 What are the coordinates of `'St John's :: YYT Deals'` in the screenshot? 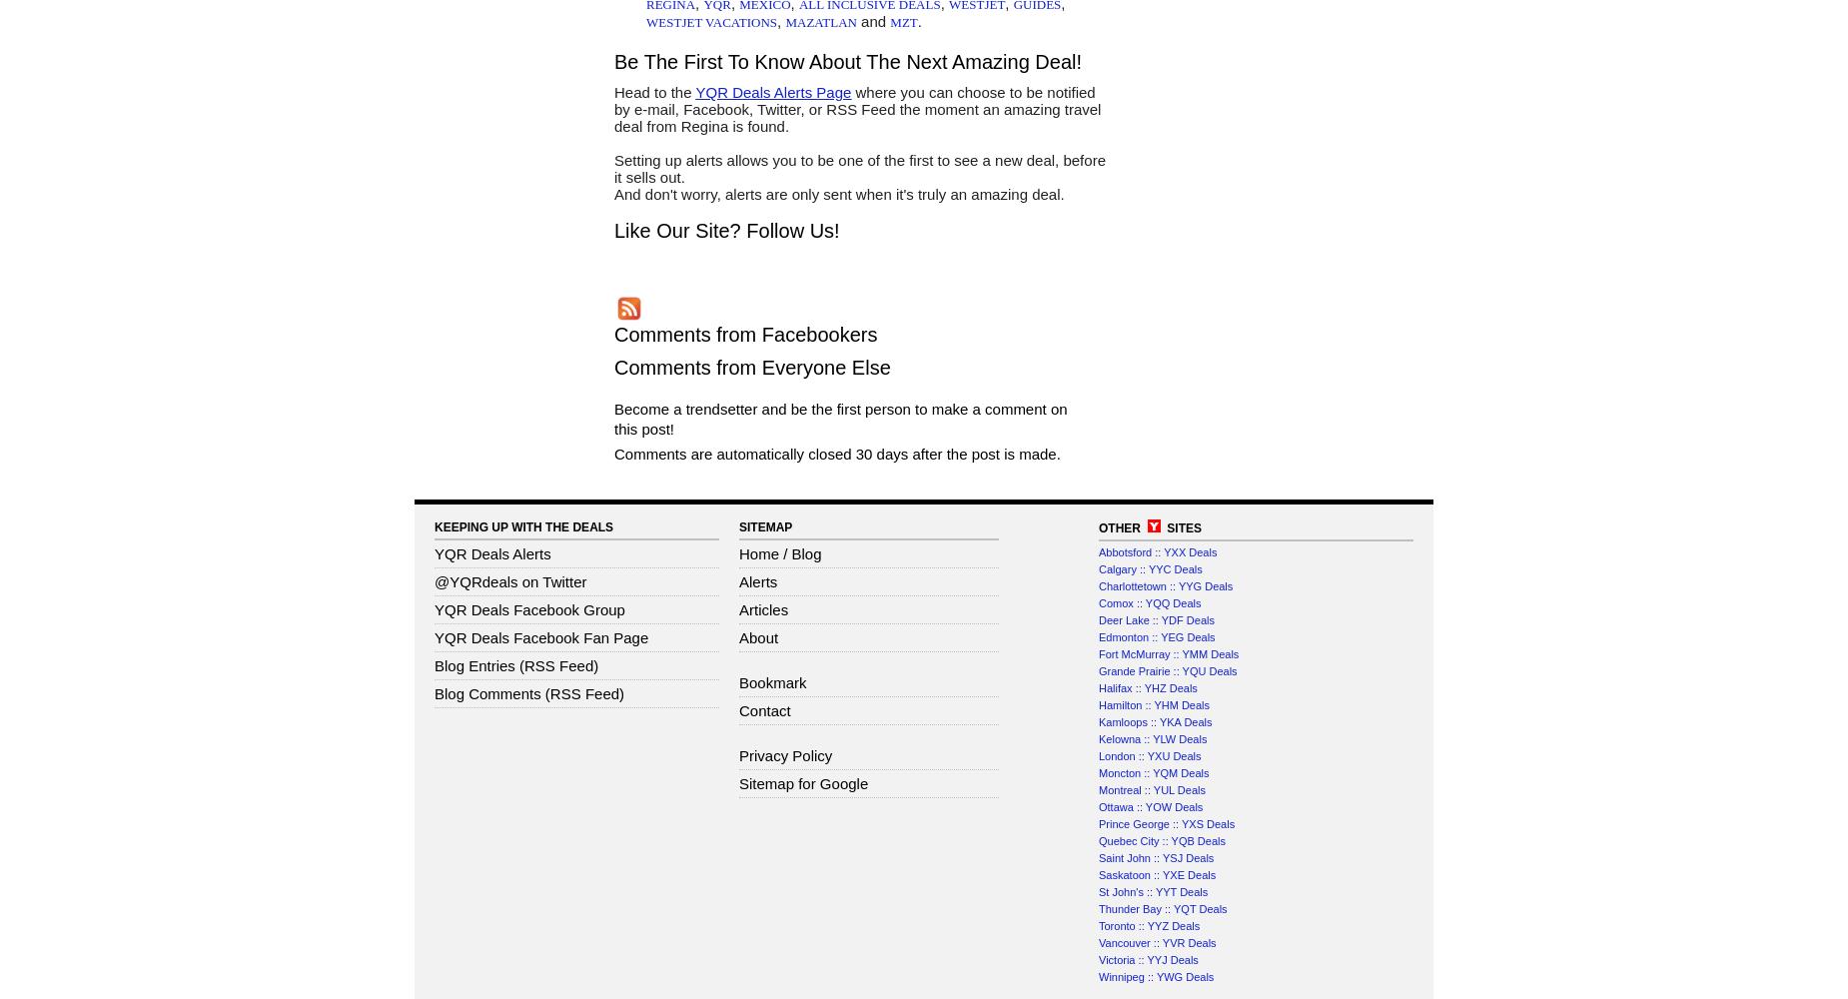 It's located at (1098, 892).